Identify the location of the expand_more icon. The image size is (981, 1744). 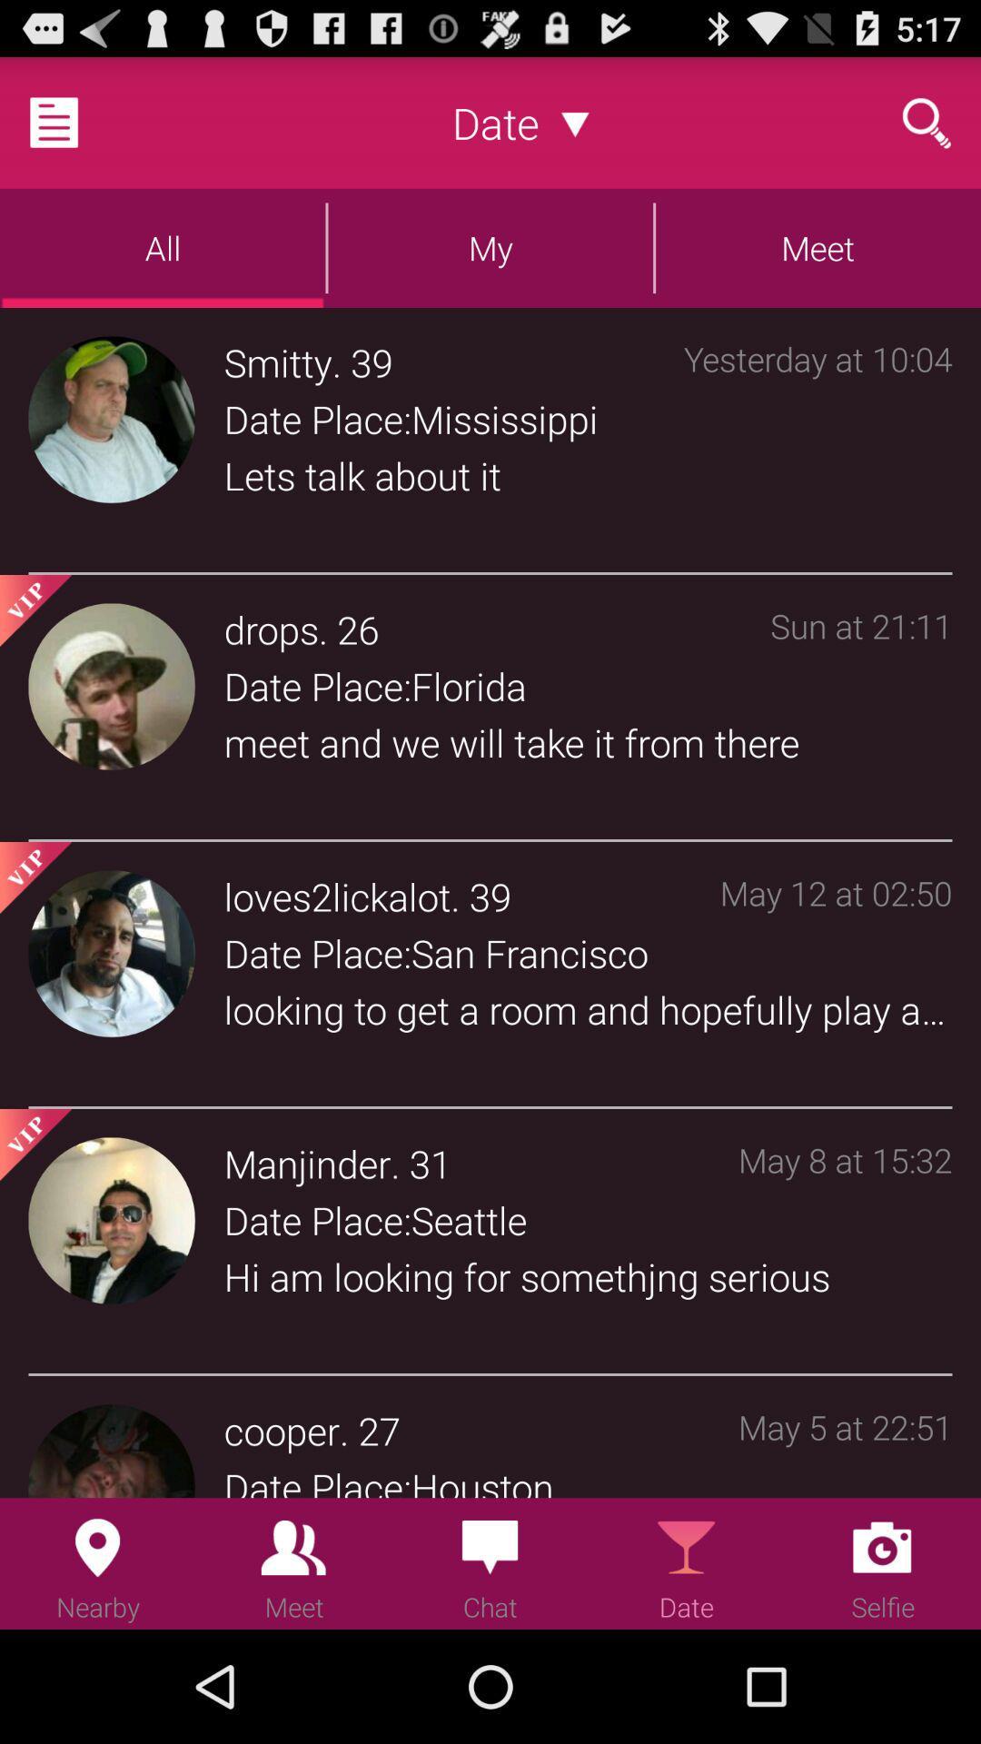
(575, 130).